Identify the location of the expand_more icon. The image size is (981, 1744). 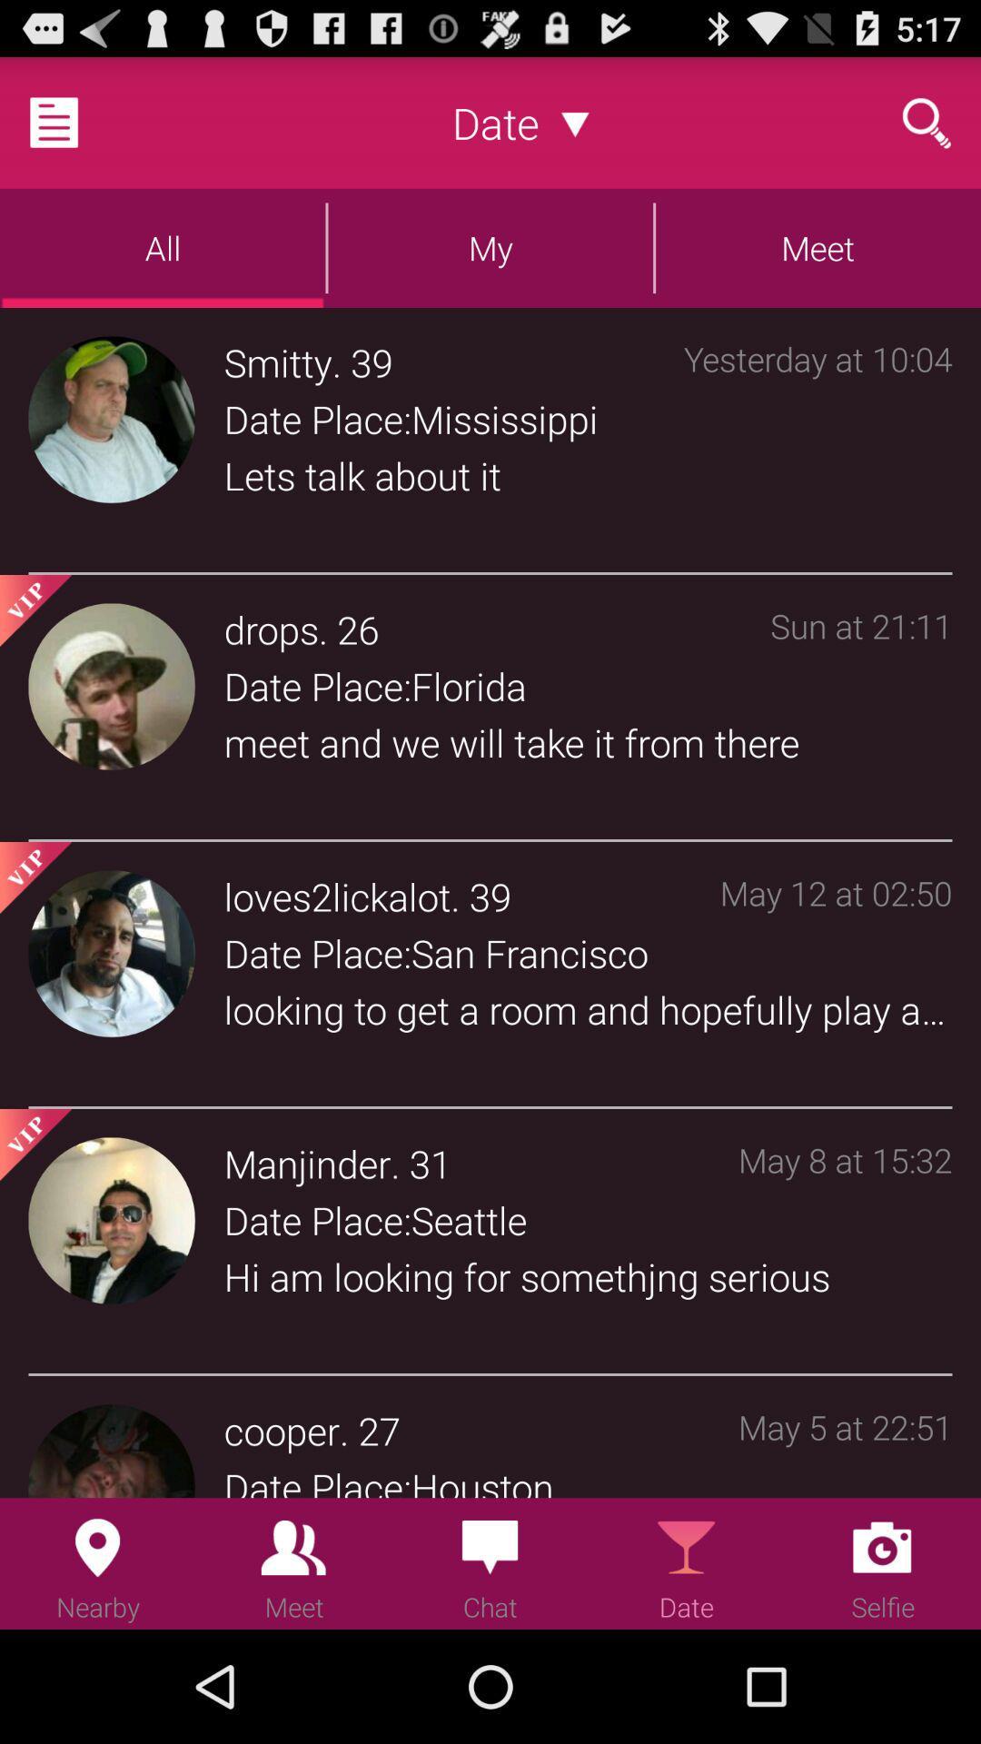
(575, 130).